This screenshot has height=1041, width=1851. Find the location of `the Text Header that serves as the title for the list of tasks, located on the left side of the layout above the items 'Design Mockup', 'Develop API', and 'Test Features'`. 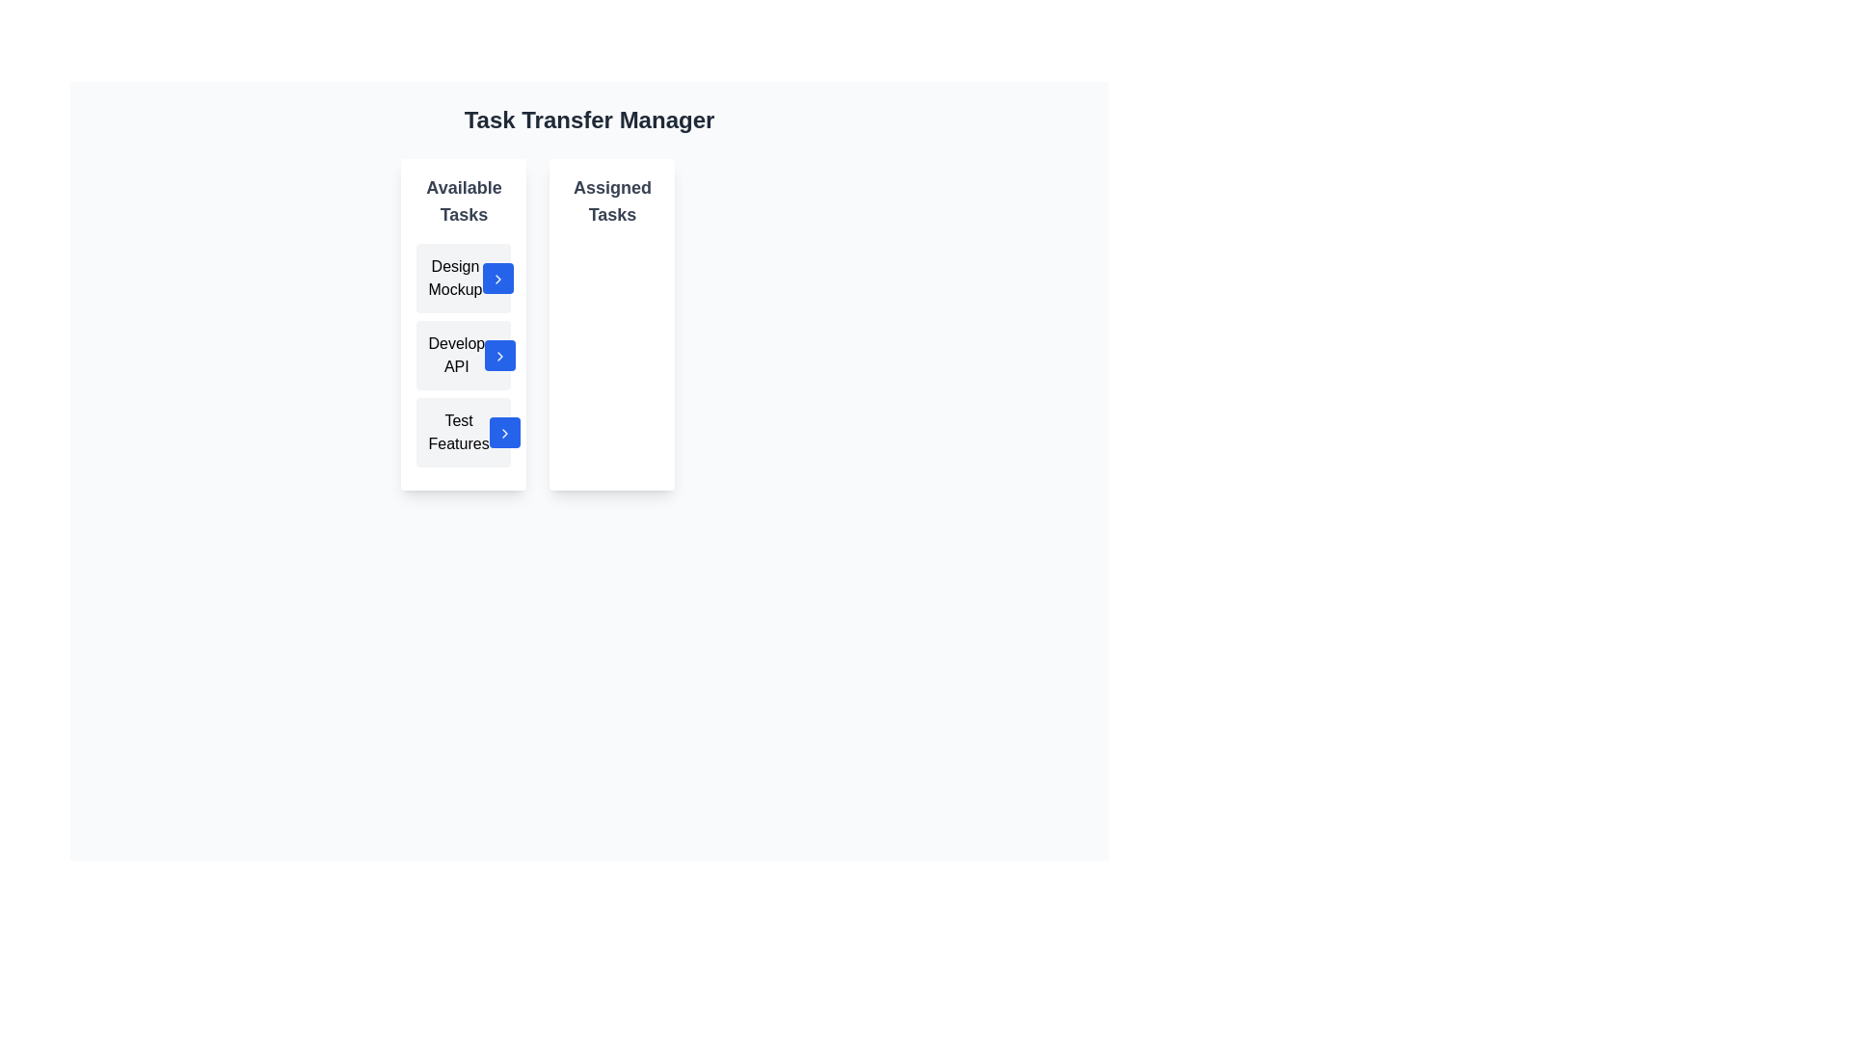

the Text Header that serves as the title for the list of tasks, located on the left side of the layout above the items 'Design Mockup', 'Develop API', and 'Test Features' is located at coordinates (464, 200).